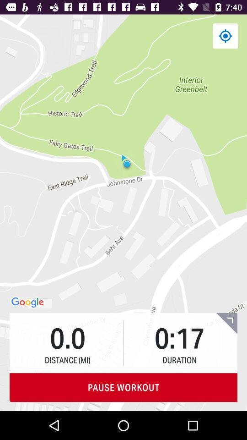  I want to click on expand workout screen, so click(226, 323).